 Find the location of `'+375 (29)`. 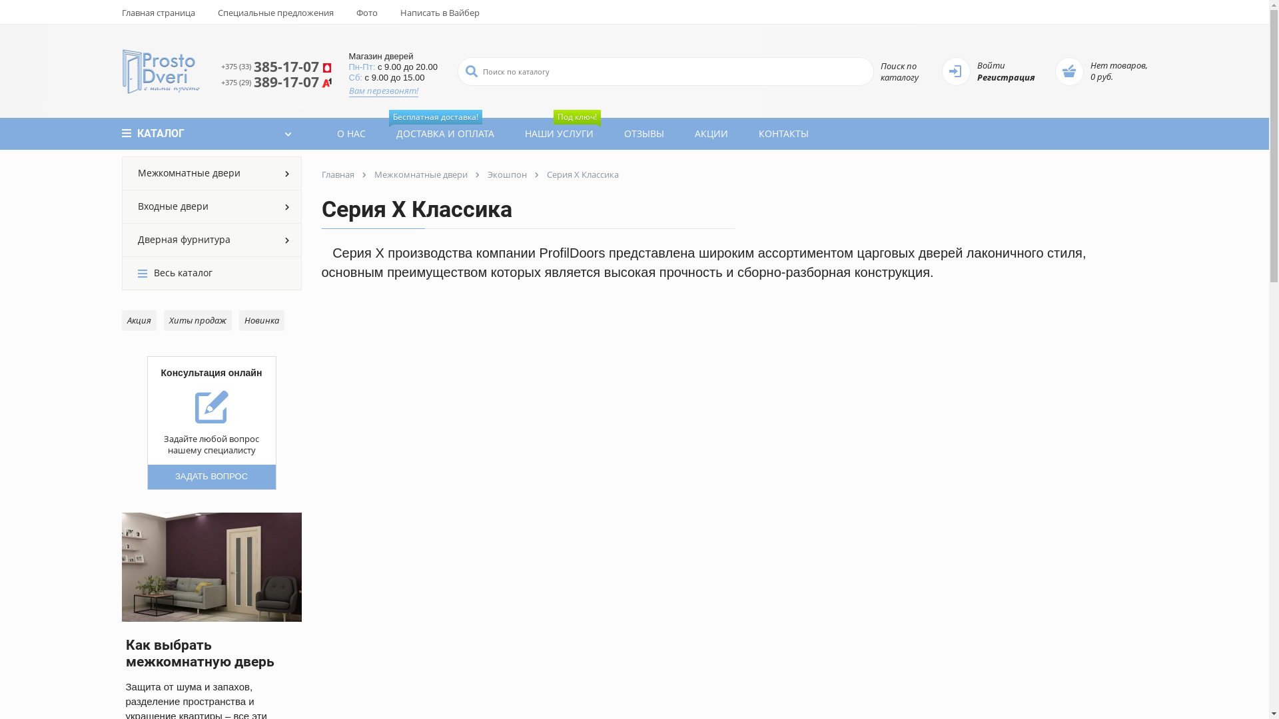

'+375 (29) is located at coordinates (276, 82).